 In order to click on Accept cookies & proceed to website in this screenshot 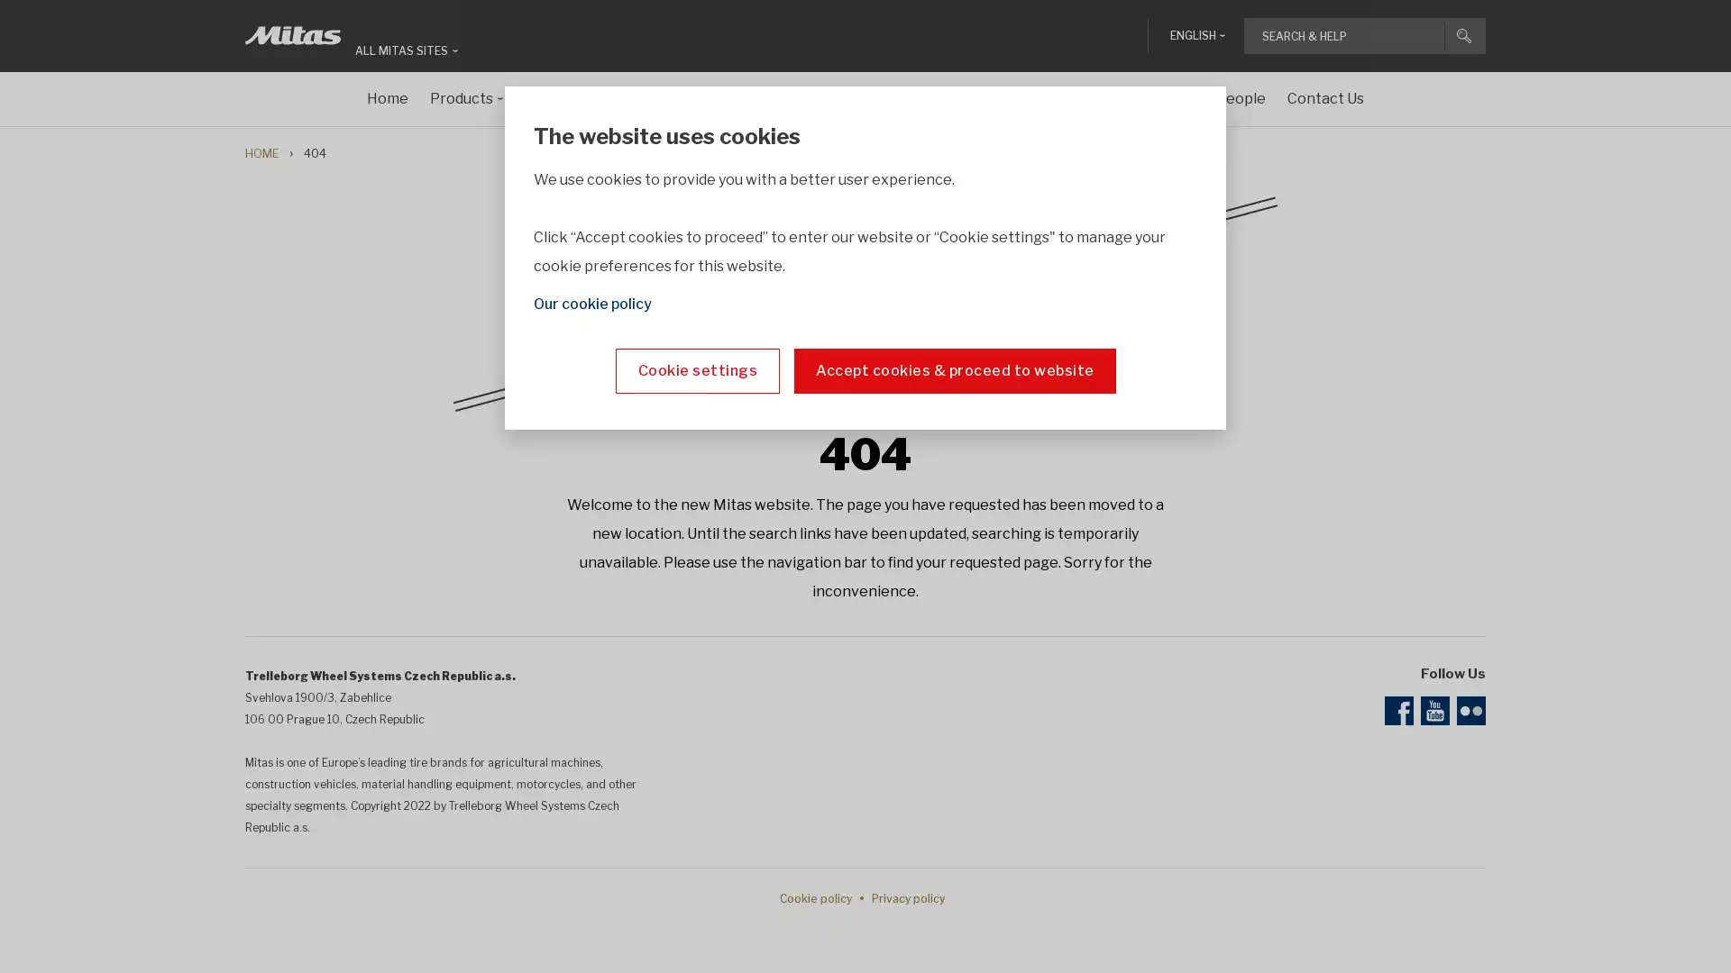, I will do `click(954, 369)`.